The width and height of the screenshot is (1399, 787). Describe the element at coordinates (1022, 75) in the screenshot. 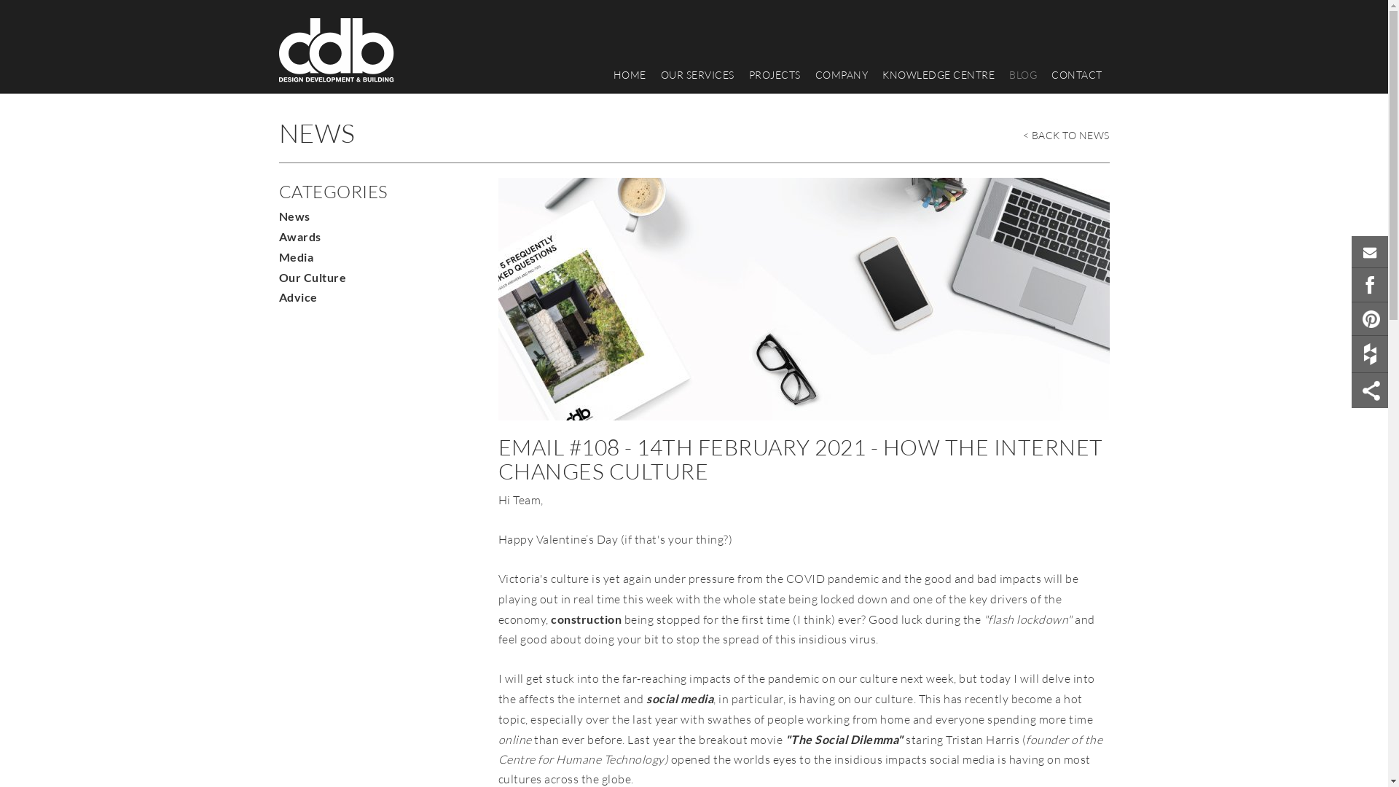

I see `'BLOG'` at that location.